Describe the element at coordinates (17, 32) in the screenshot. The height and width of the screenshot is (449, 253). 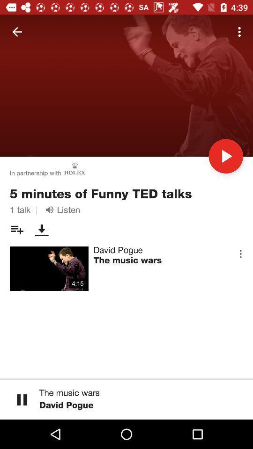
I see `the icon at the top left corner` at that location.